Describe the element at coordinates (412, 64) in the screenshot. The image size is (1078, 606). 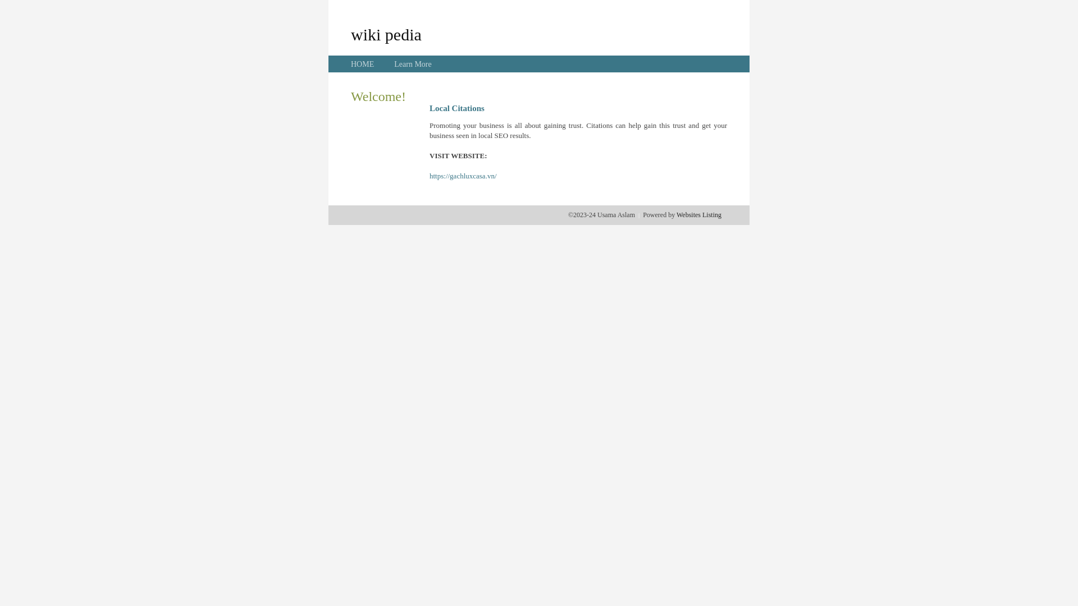
I see `'Learn More'` at that location.